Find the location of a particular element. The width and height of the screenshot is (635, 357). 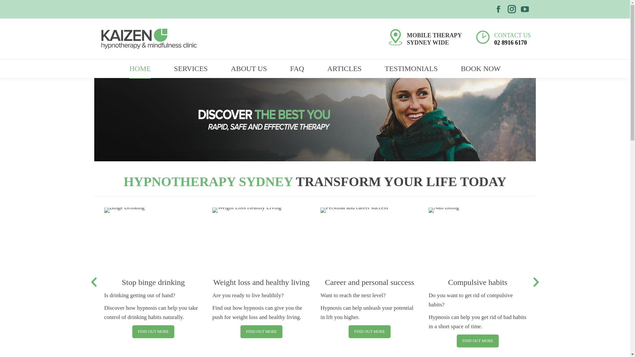

'TESTIMONIALS' is located at coordinates (411, 69).